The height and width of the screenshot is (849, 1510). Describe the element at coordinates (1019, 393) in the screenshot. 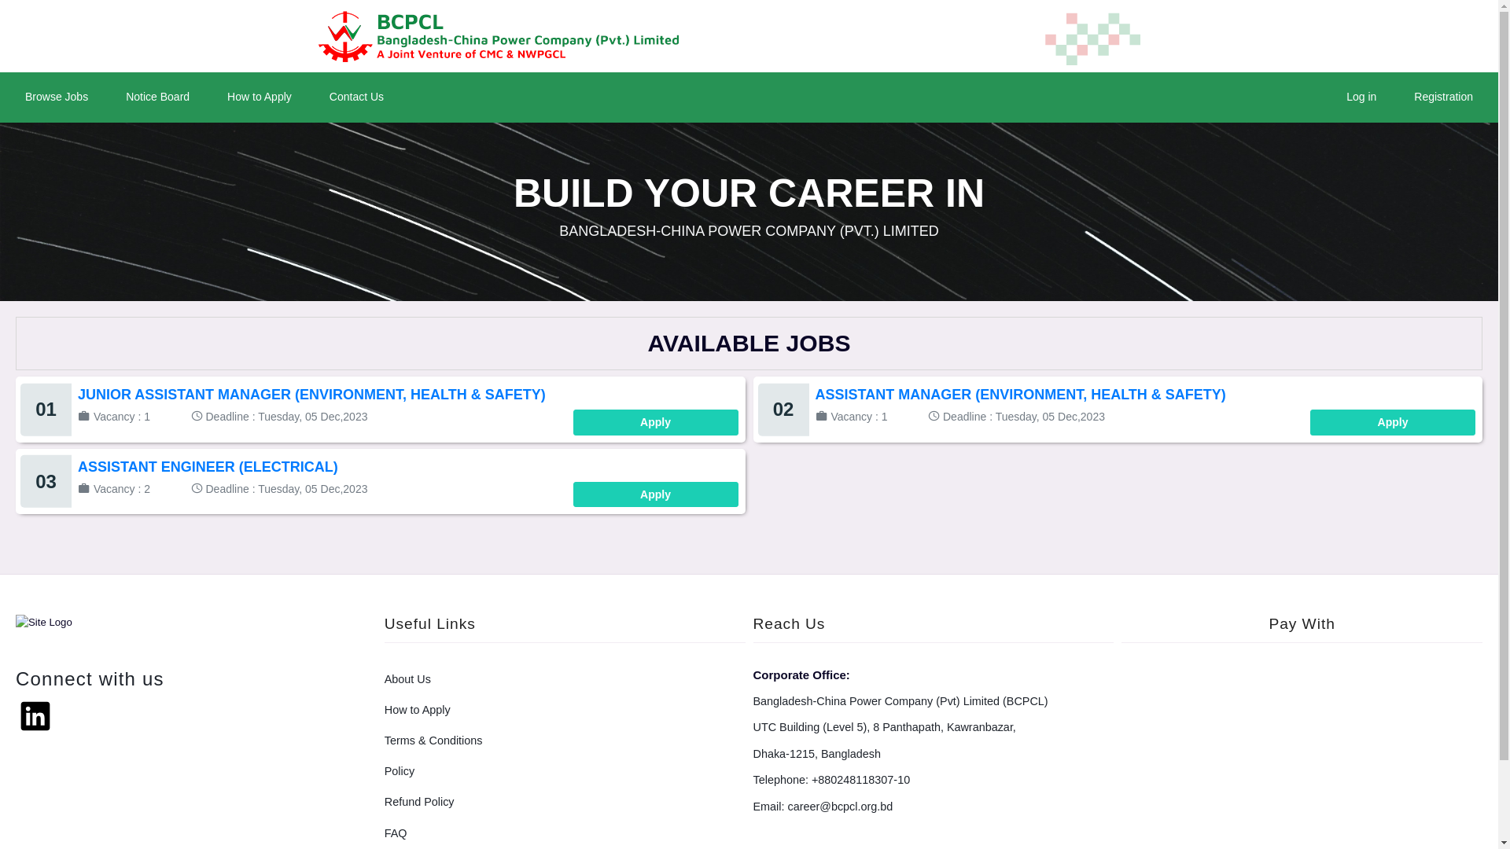

I see `'ASSISTANT MANAGER (ENVIRONMENT, HEALTH & SAFETY)'` at that location.